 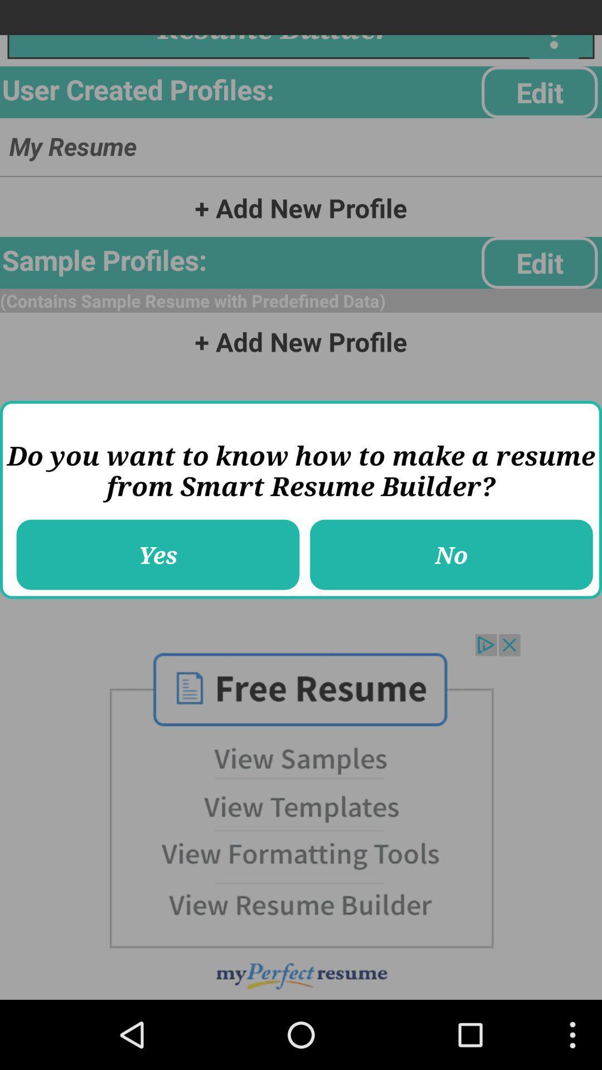 I want to click on icon next to no icon, so click(x=158, y=555).